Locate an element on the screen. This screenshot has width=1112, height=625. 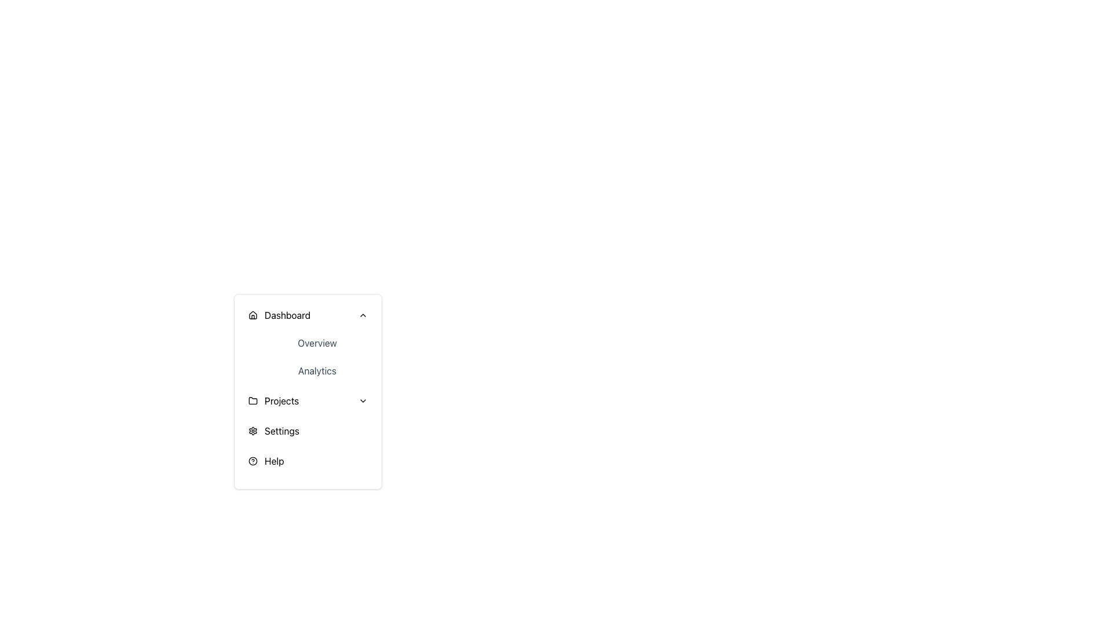
the 'Dashboard' text label in the vertical navigation menu is located at coordinates (287, 315).